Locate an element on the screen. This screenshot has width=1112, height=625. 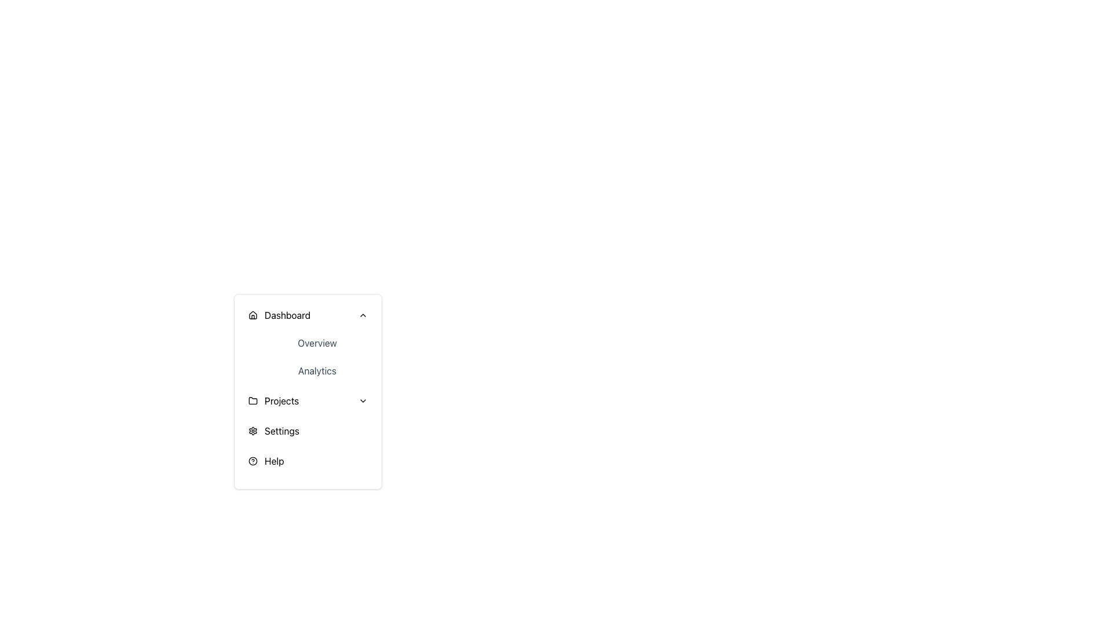
the 'Dashboard' text label in the vertical navigation menu is located at coordinates (287, 315).